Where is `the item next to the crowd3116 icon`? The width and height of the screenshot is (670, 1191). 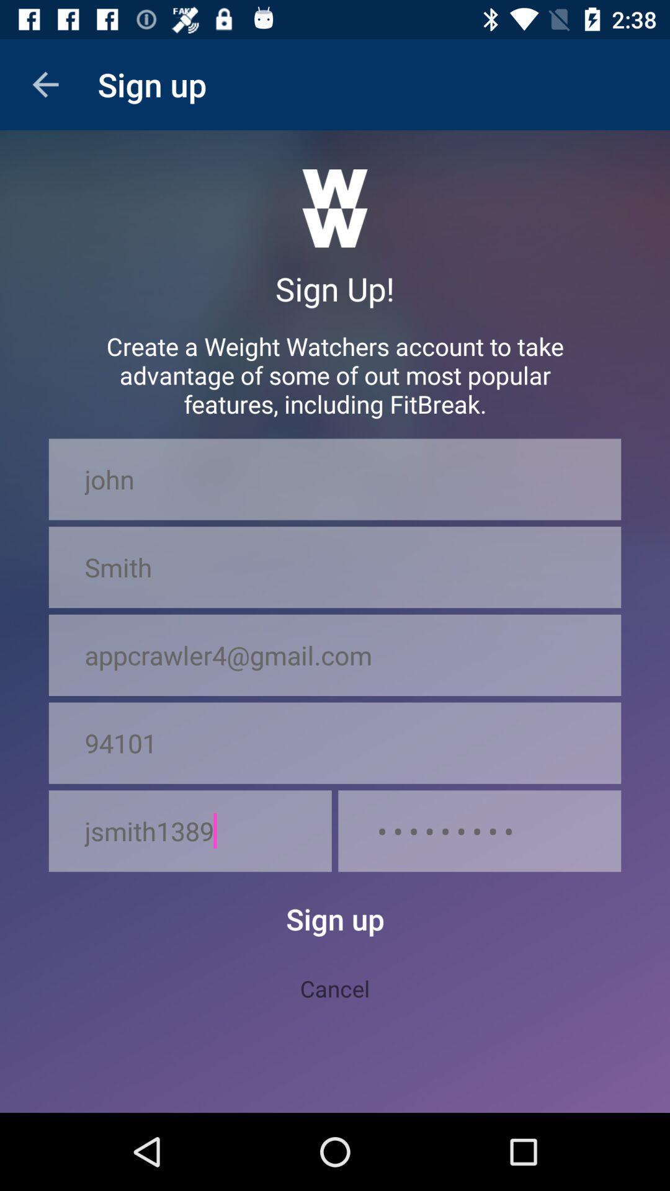
the item next to the crowd3116 icon is located at coordinates (190, 831).